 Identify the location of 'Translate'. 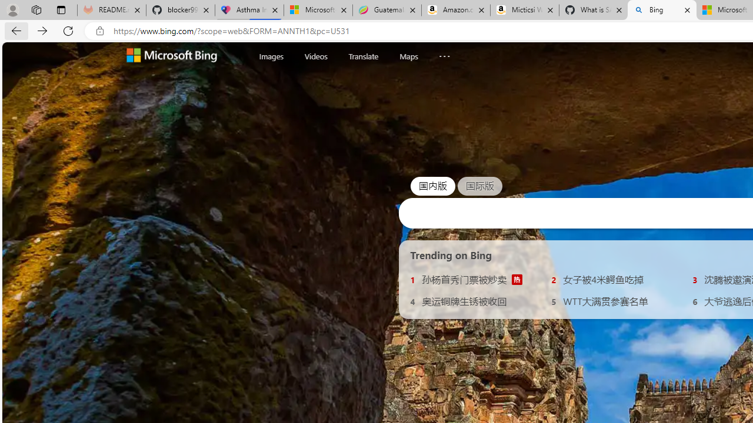
(362, 56).